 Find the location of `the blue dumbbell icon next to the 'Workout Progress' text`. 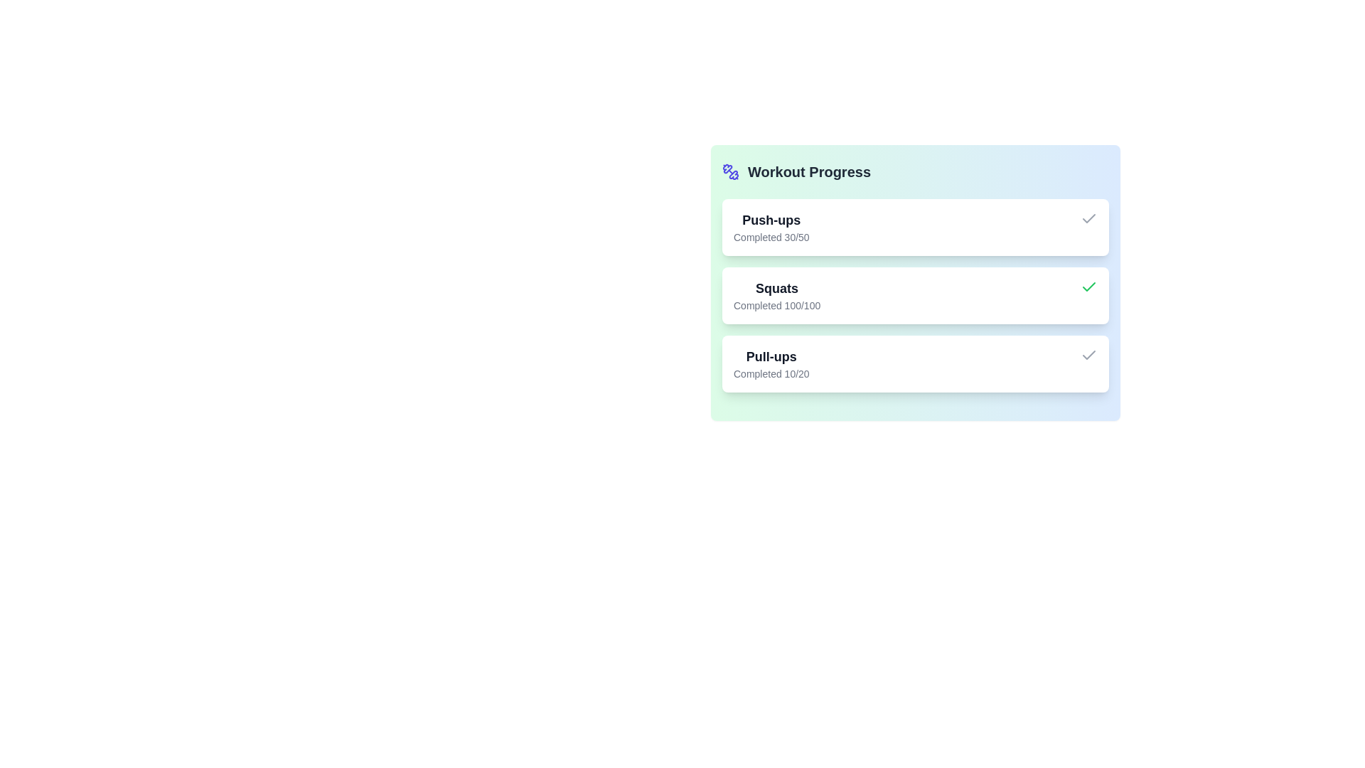

the blue dumbbell icon next to the 'Workout Progress' text is located at coordinates (730, 171).